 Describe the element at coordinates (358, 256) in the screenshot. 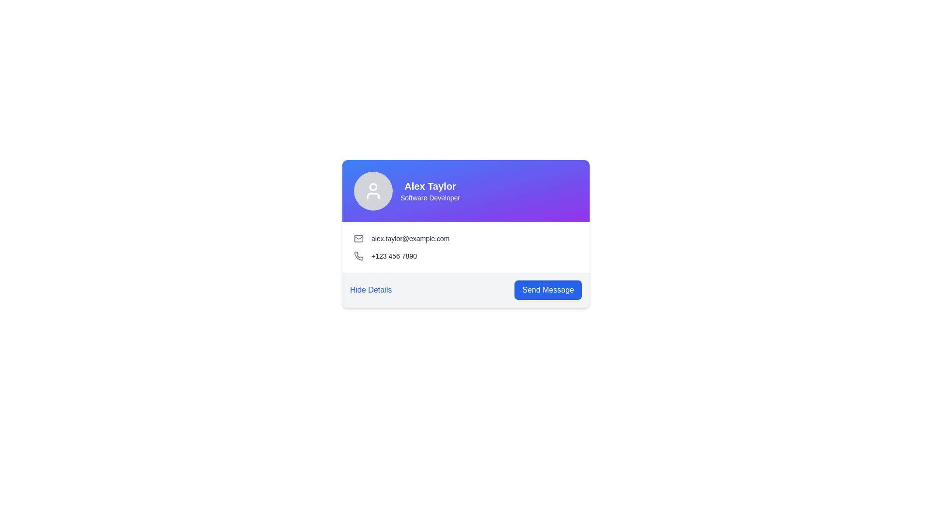

I see `the phone receiver icon with gray outlines located in the first position of a horizontal group, to the left of the phone number text` at that location.